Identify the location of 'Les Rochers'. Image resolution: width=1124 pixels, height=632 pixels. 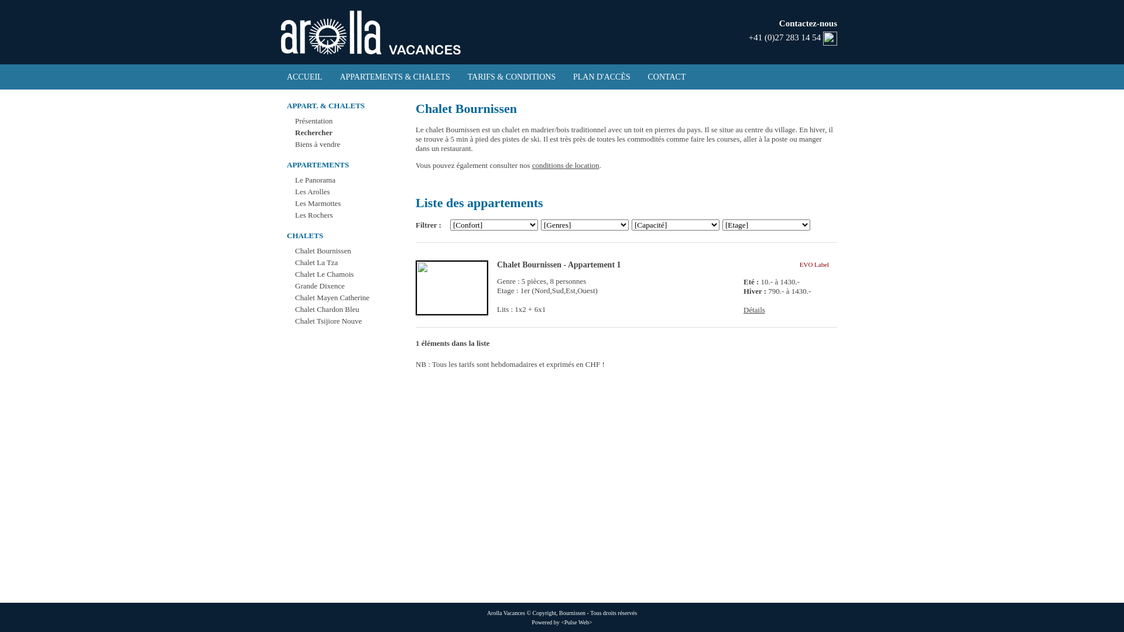
(314, 215).